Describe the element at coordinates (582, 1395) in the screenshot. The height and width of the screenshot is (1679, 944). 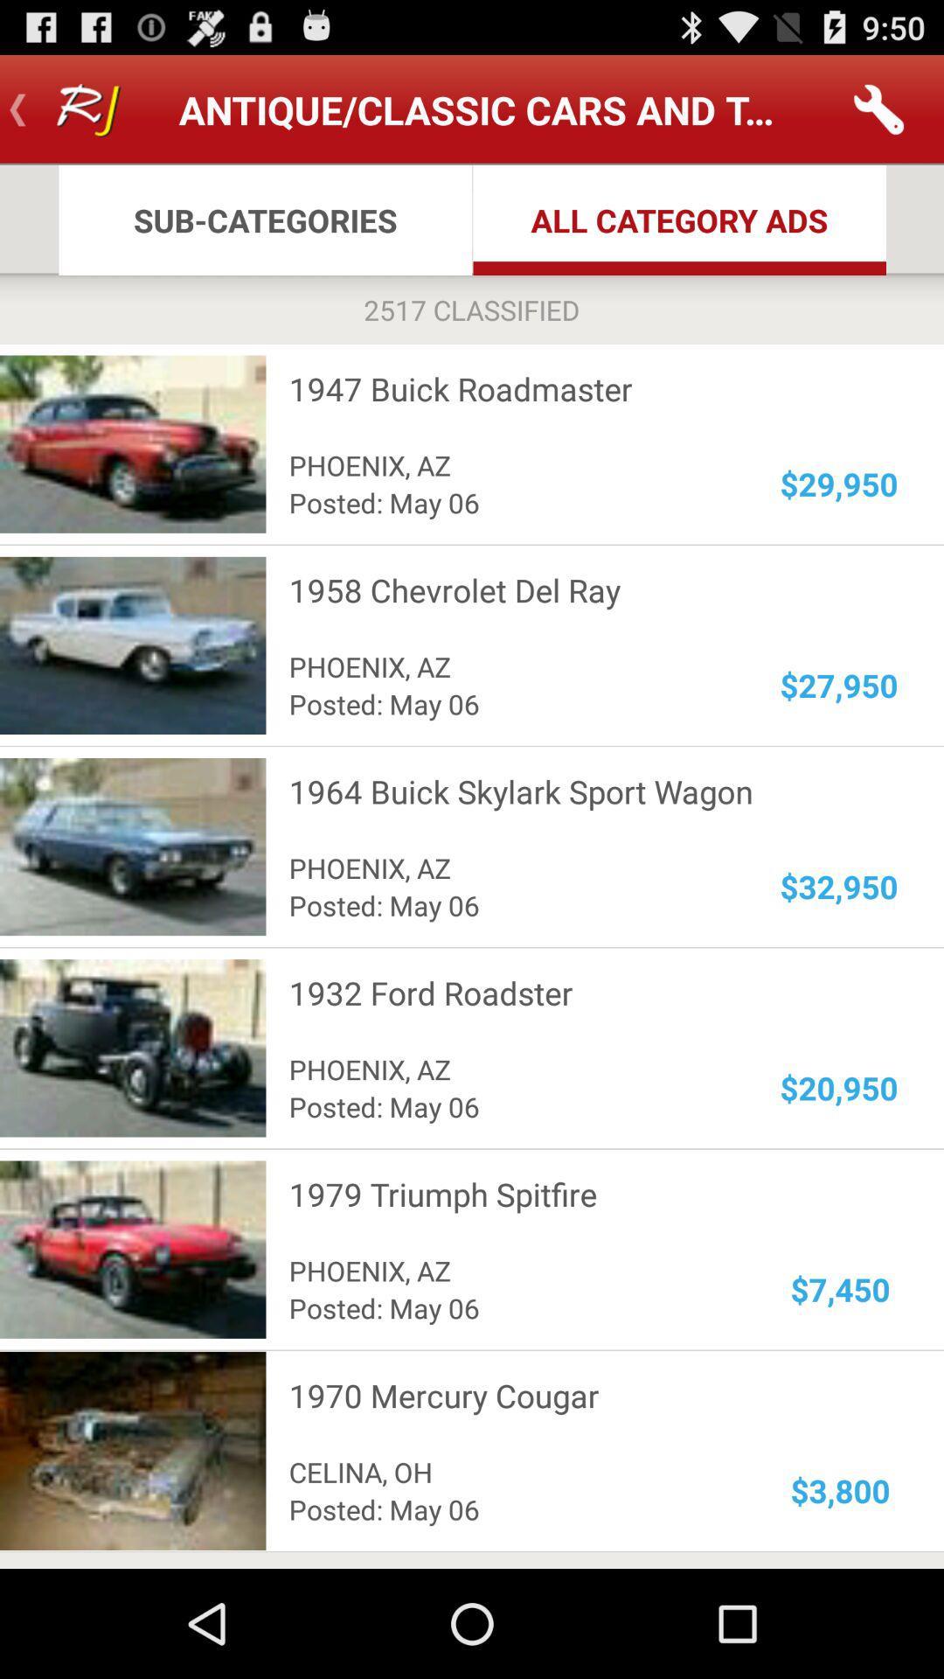
I see `app below the posted: may 06 icon` at that location.